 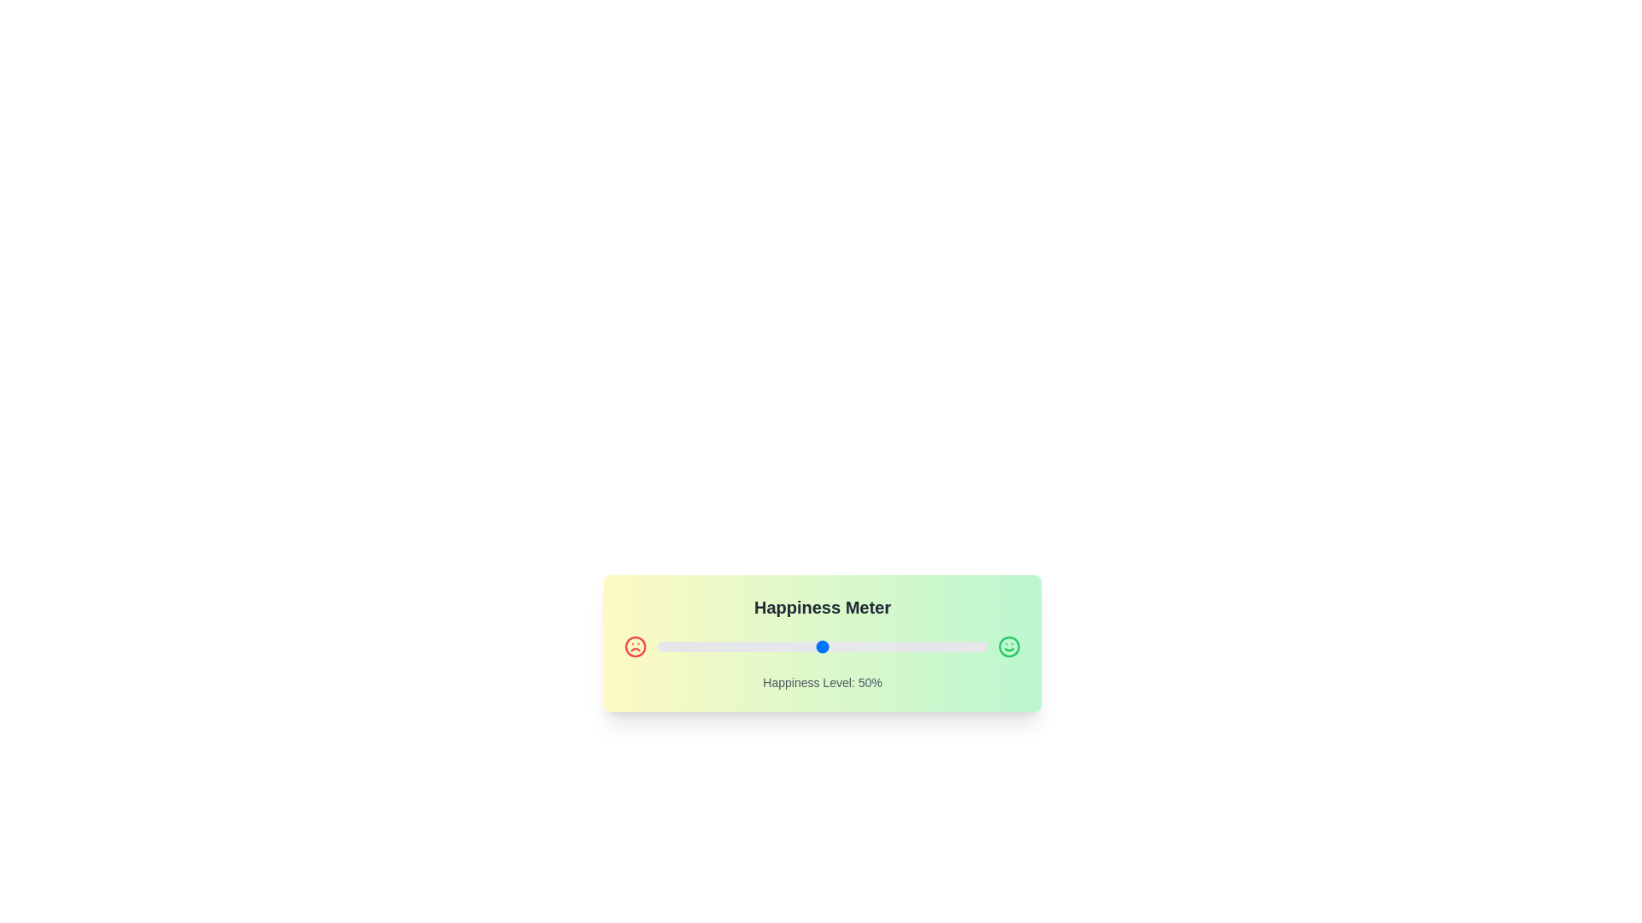 I want to click on the slider to set the happiness level to 0%, so click(x=656, y=646).